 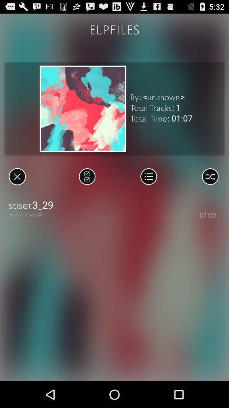 What do you see at coordinates (209, 176) in the screenshot?
I see `settings` at bounding box center [209, 176].